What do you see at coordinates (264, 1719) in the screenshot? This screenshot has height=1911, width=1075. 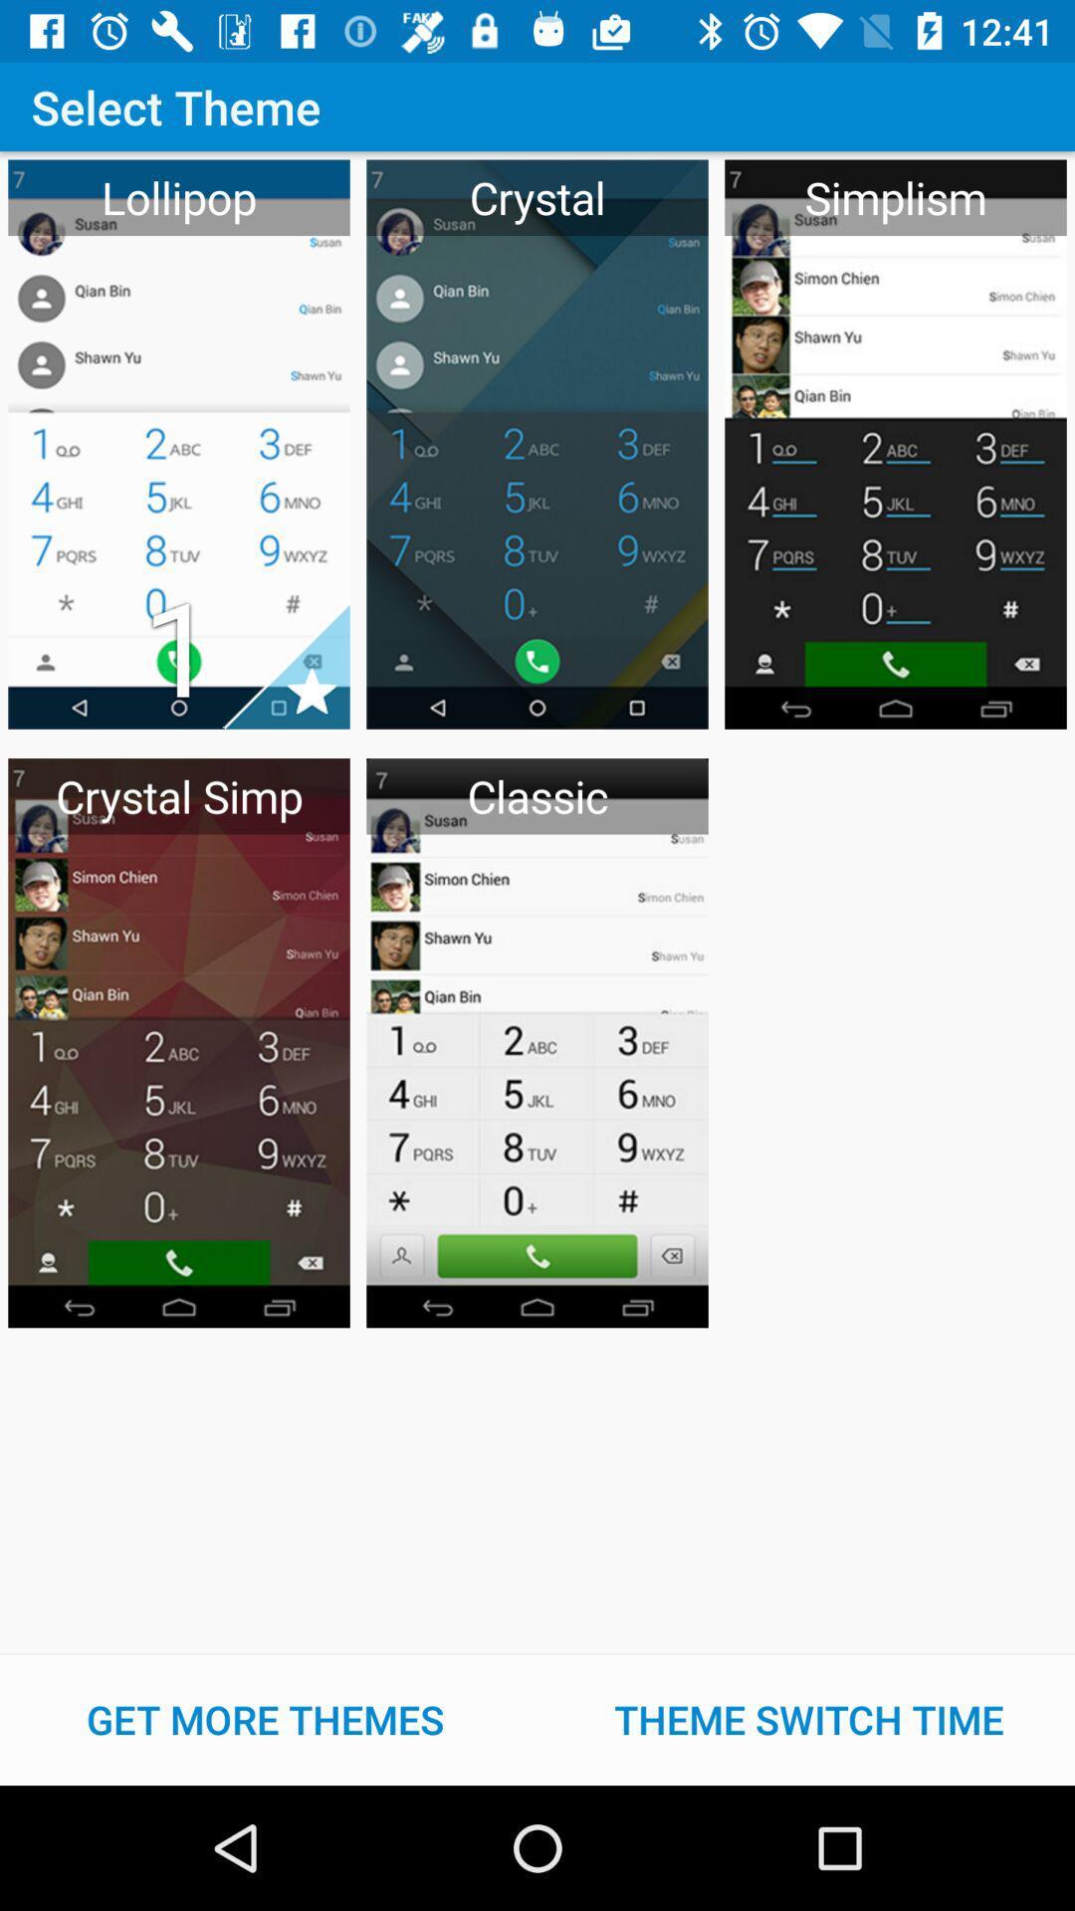 I see `the get more themes item` at bounding box center [264, 1719].